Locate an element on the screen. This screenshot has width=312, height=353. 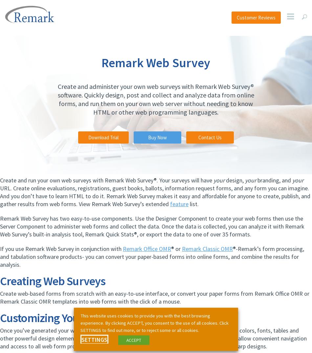
'Remark Web Survey' is located at coordinates (155, 62).